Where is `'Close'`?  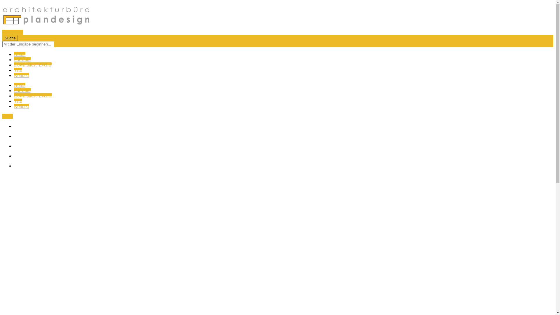
'Close' is located at coordinates (7, 116).